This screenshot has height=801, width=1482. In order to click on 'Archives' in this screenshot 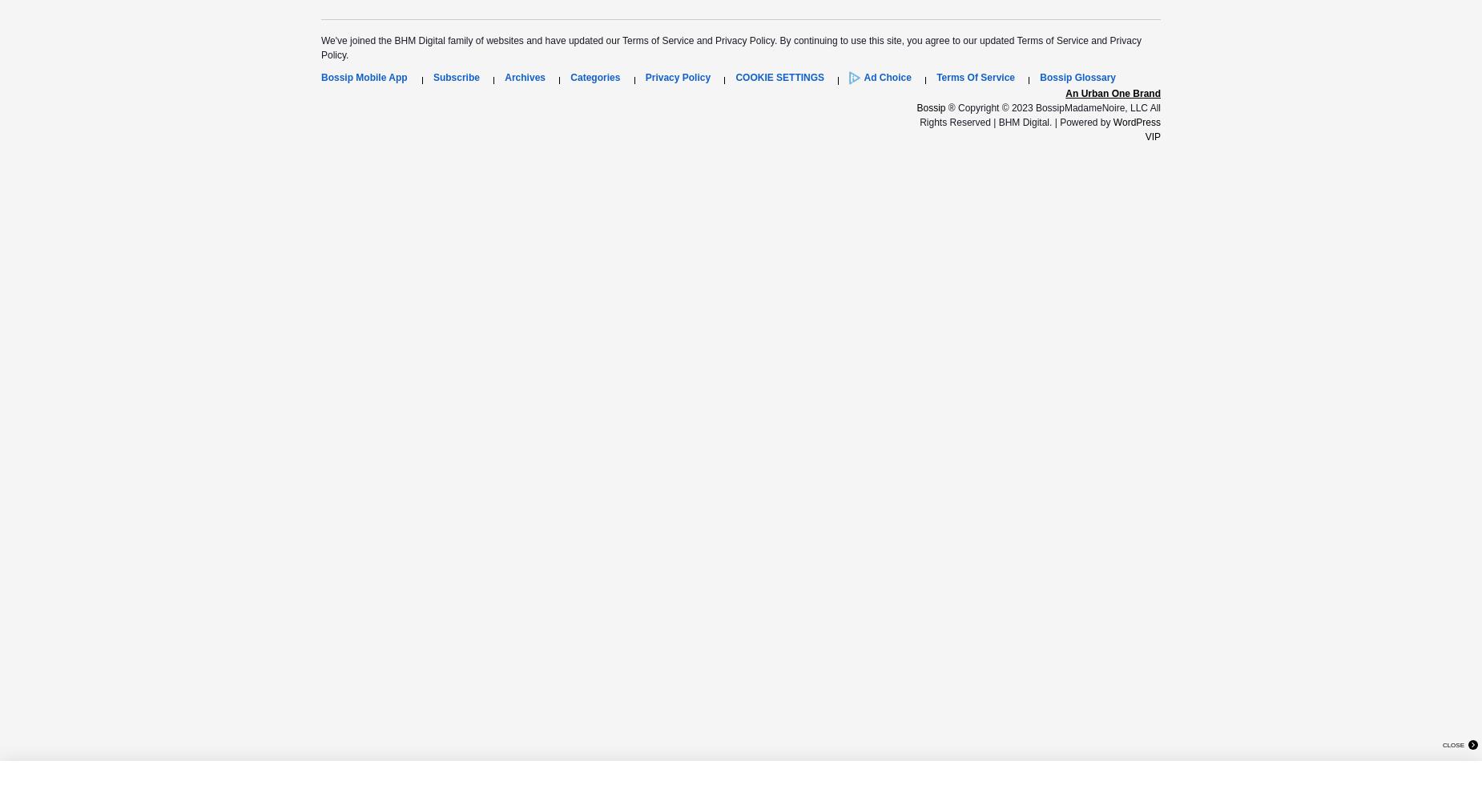, I will do `click(525, 76)`.